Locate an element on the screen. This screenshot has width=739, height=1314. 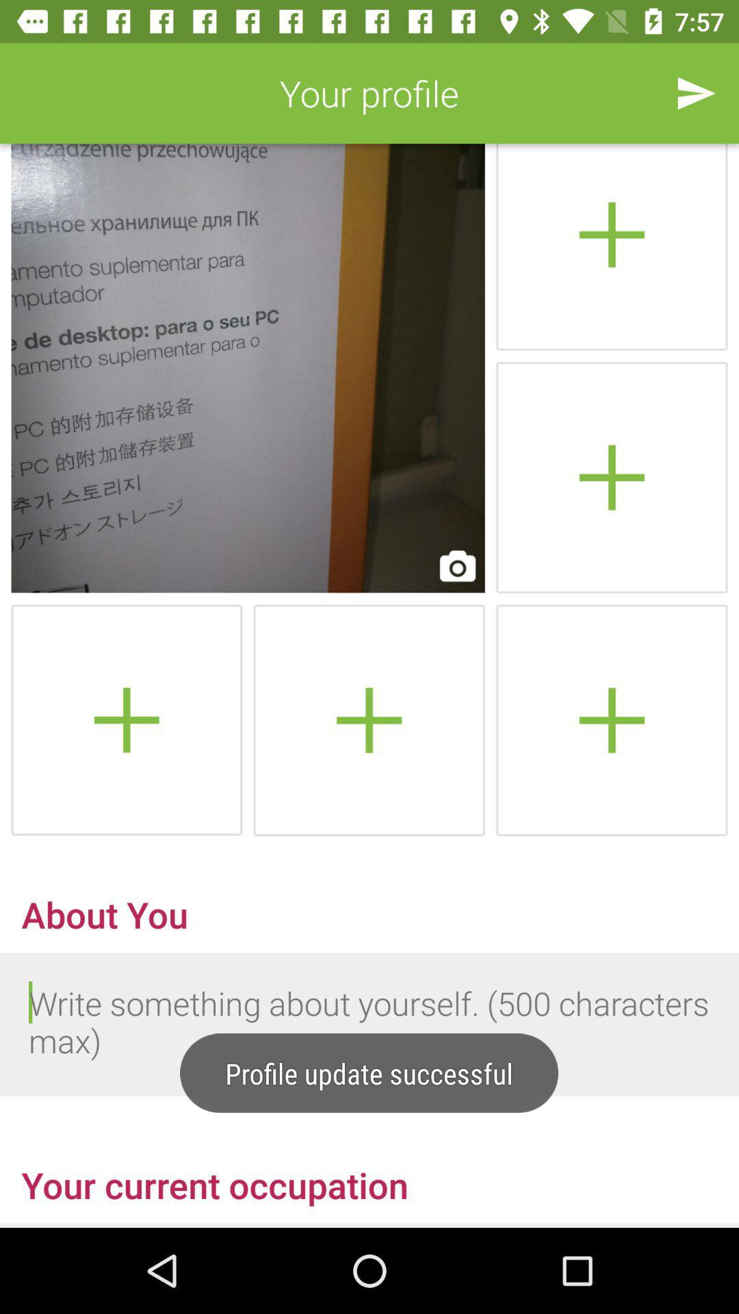
an image is located at coordinates (611, 719).